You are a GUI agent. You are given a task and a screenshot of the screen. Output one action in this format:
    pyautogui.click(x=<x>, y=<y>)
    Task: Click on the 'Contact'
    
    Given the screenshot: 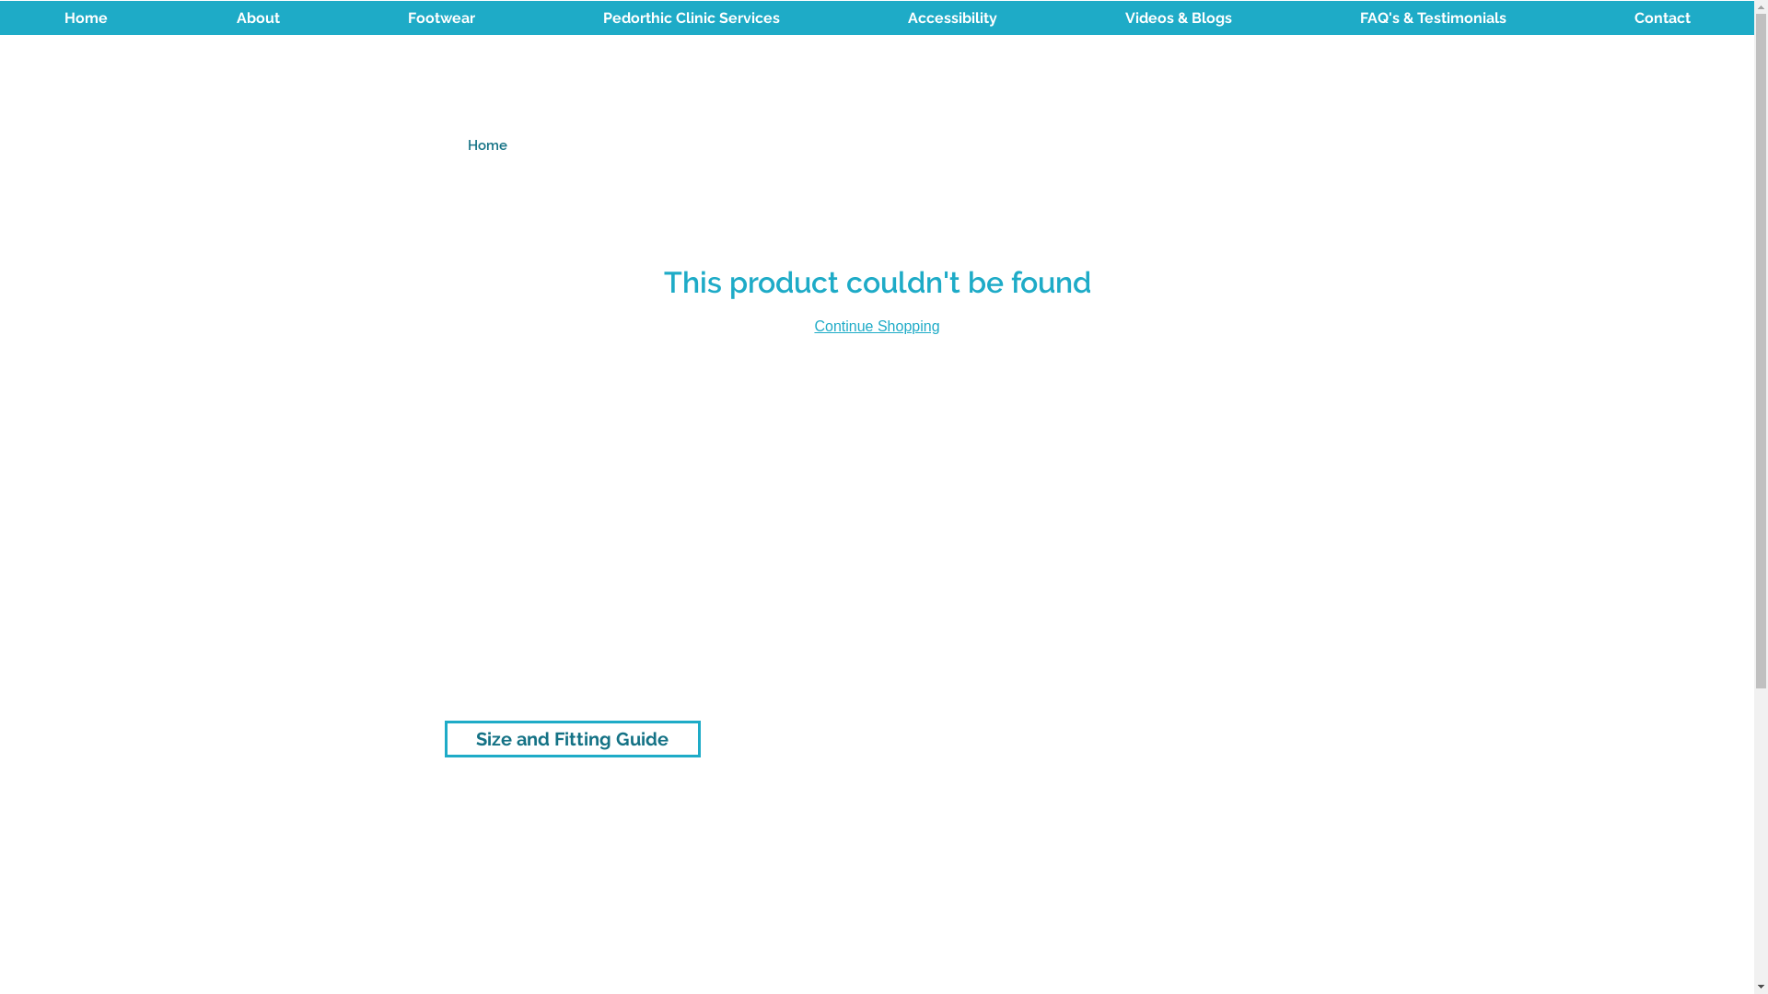 What is the action you would take?
    pyautogui.click(x=1661, y=17)
    